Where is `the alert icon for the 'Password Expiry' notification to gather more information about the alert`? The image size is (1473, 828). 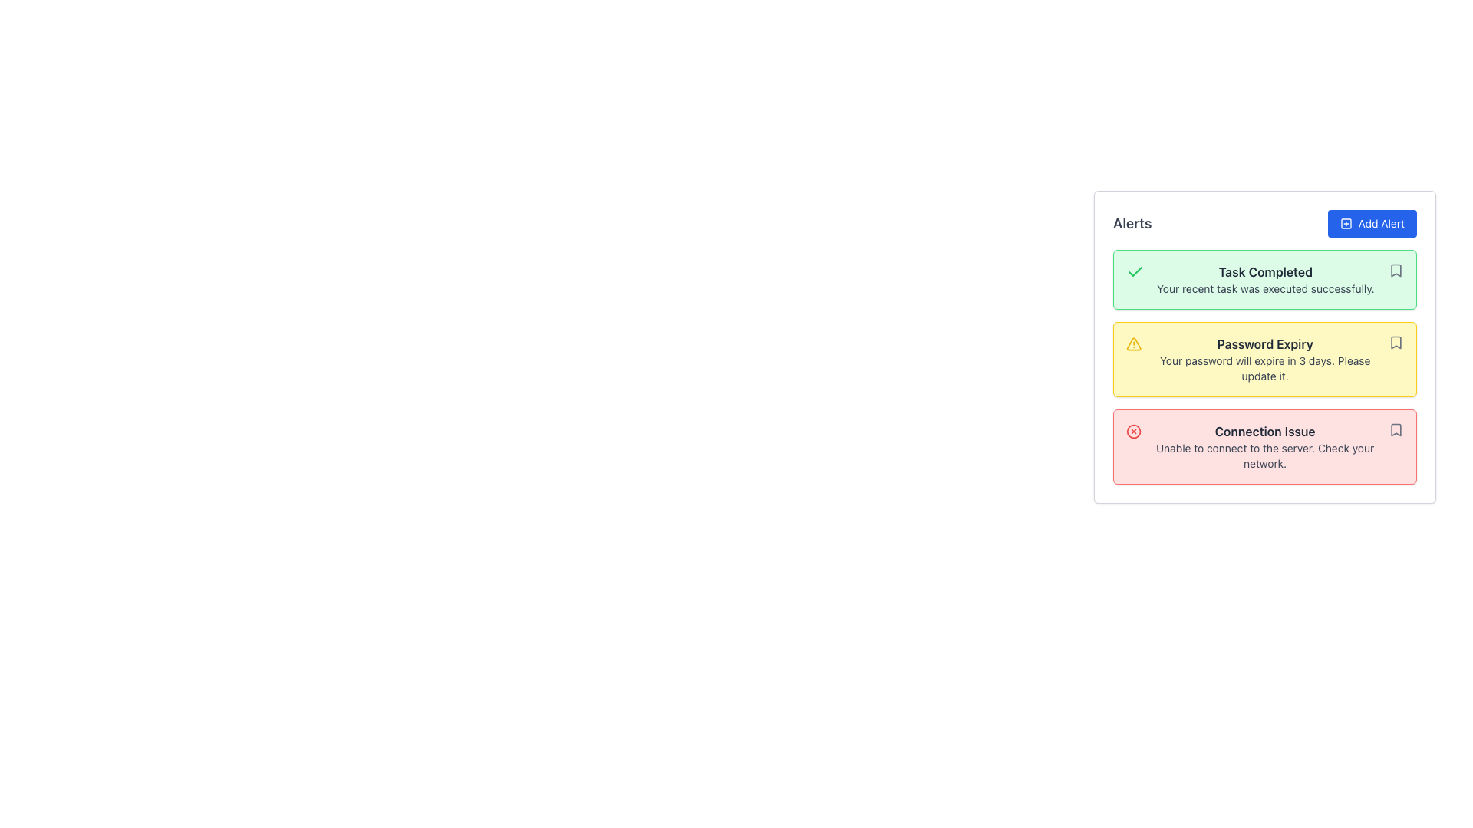
the alert icon for the 'Password Expiry' notification to gather more information about the alert is located at coordinates (1134, 343).